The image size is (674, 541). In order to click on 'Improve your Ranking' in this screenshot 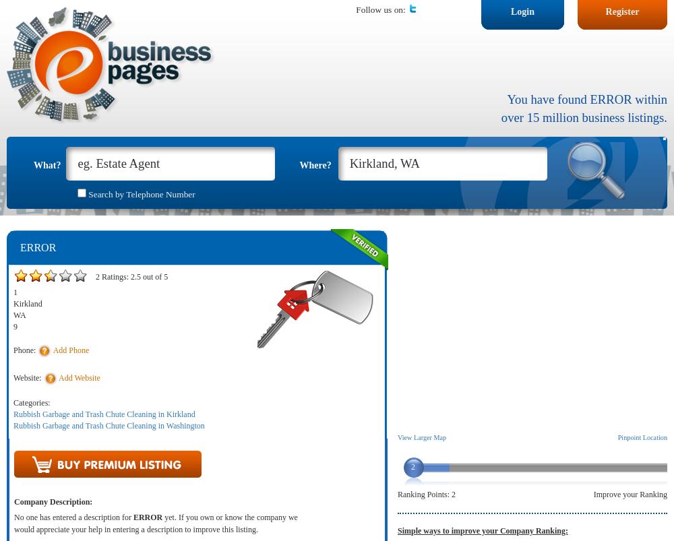, I will do `click(630, 495)`.